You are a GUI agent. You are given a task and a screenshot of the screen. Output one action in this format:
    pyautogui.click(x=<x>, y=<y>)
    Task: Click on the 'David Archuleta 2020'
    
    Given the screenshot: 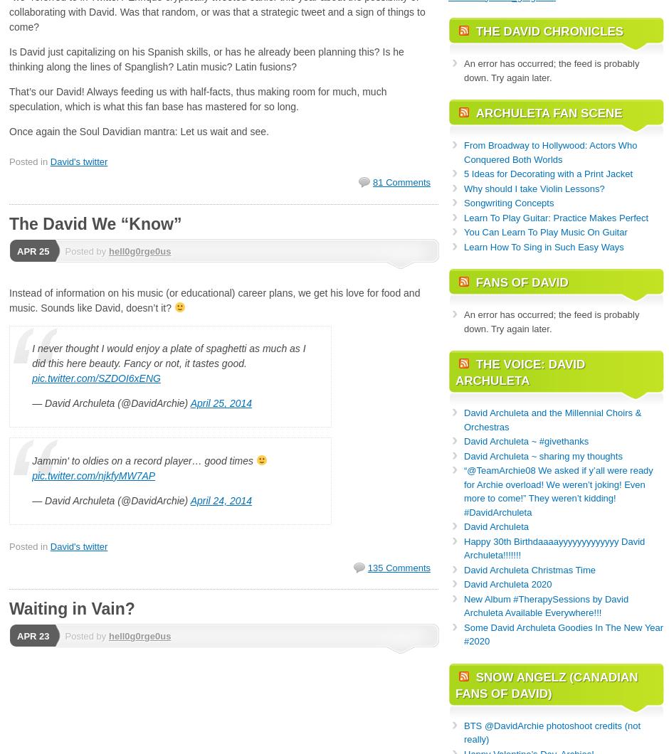 What is the action you would take?
    pyautogui.click(x=507, y=584)
    